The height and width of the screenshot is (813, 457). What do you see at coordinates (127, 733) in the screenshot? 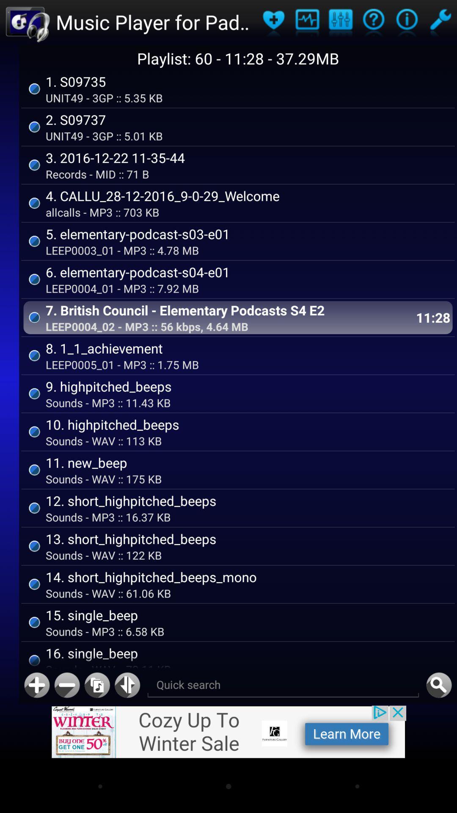
I see `the swap icon` at bounding box center [127, 733].